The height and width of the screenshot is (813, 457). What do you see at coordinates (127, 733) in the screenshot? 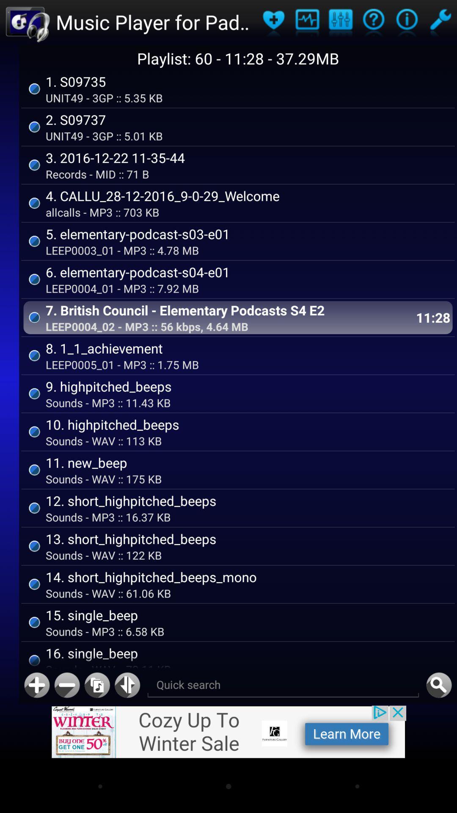
I see `the swap icon` at bounding box center [127, 733].